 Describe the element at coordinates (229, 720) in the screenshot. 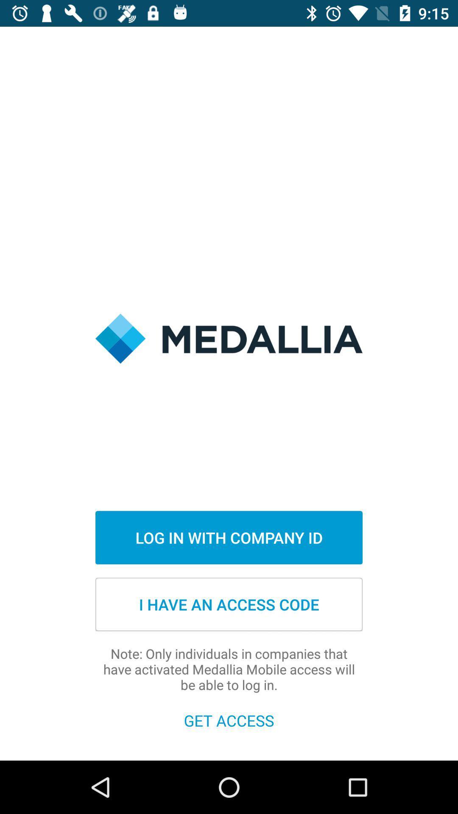

I see `the get access icon` at that location.